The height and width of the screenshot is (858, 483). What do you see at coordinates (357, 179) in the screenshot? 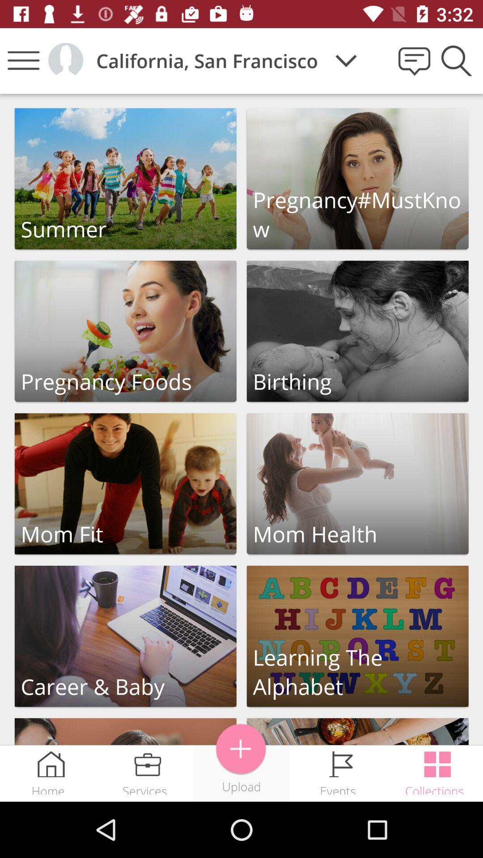
I see `click for categories` at bounding box center [357, 179].